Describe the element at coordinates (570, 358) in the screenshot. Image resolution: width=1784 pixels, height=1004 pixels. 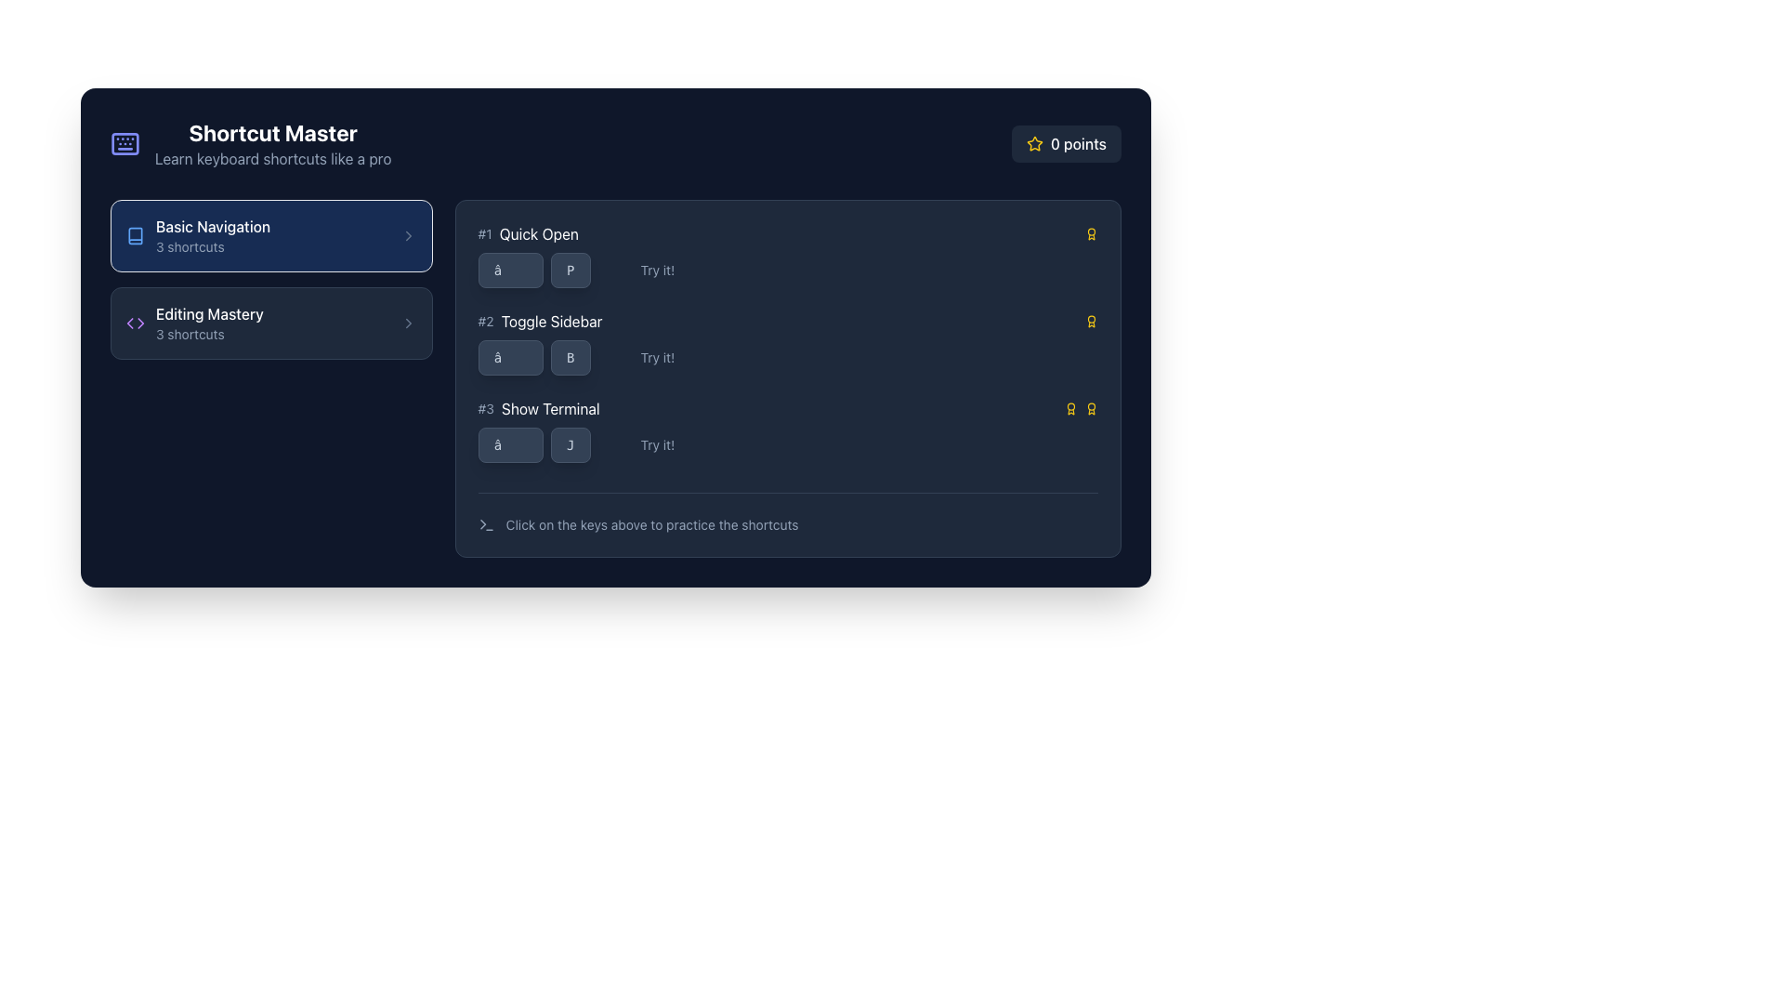
I see `the 'Toggle Sidebar' button, which is the second button in a horizontal arrangement of two similar buttons in the interface's shortcut section` at that location.